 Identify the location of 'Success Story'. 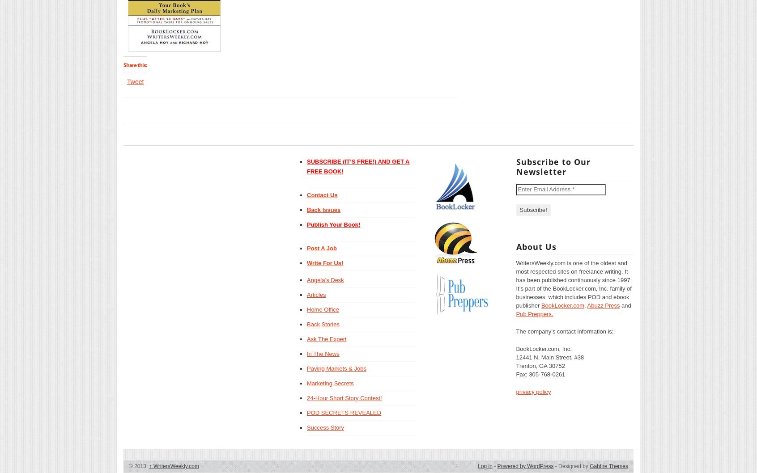
(306, 427).